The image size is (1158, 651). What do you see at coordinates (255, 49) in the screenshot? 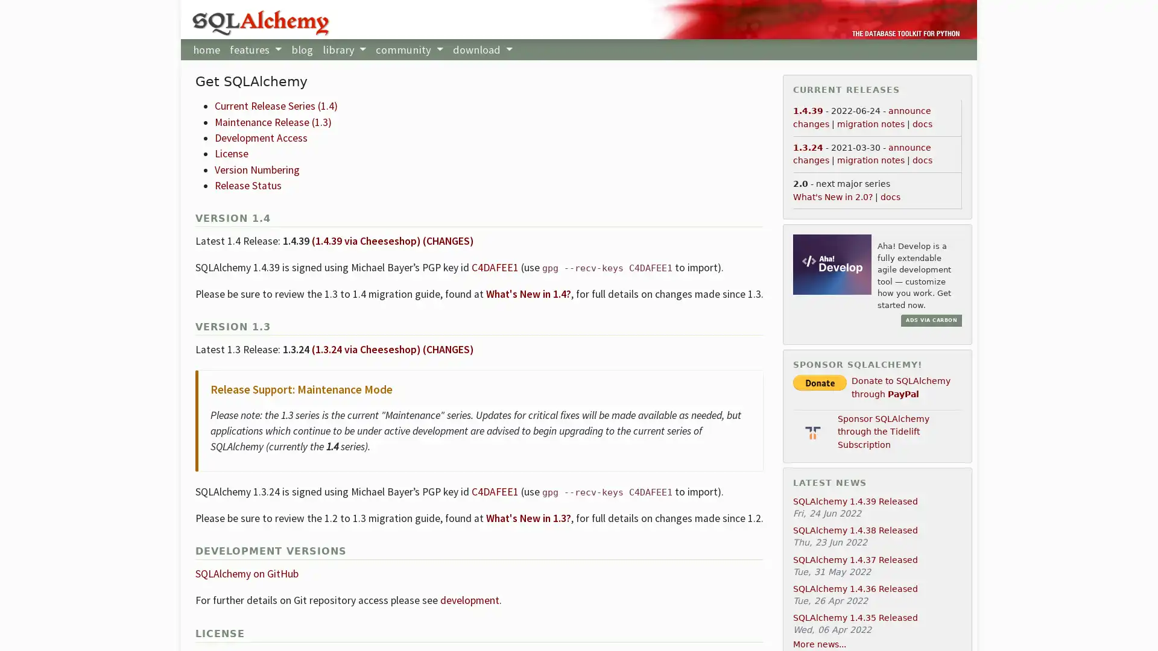
I see `features` at bounding box center [255, 49].